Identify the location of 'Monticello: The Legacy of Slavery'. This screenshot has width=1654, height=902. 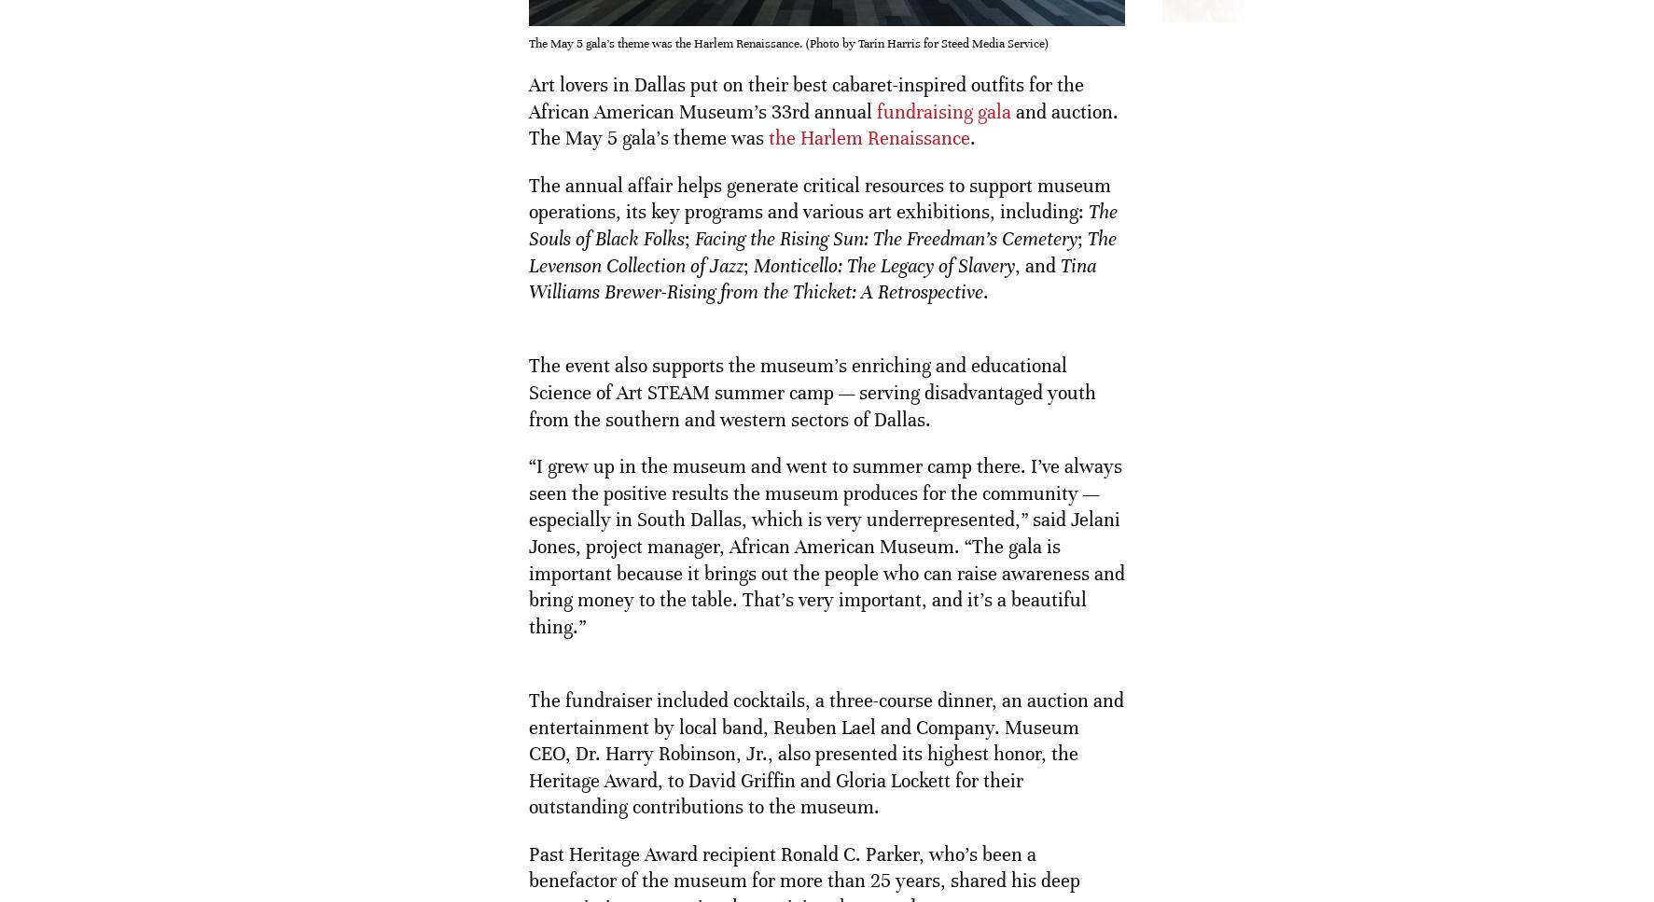
(881, 264).